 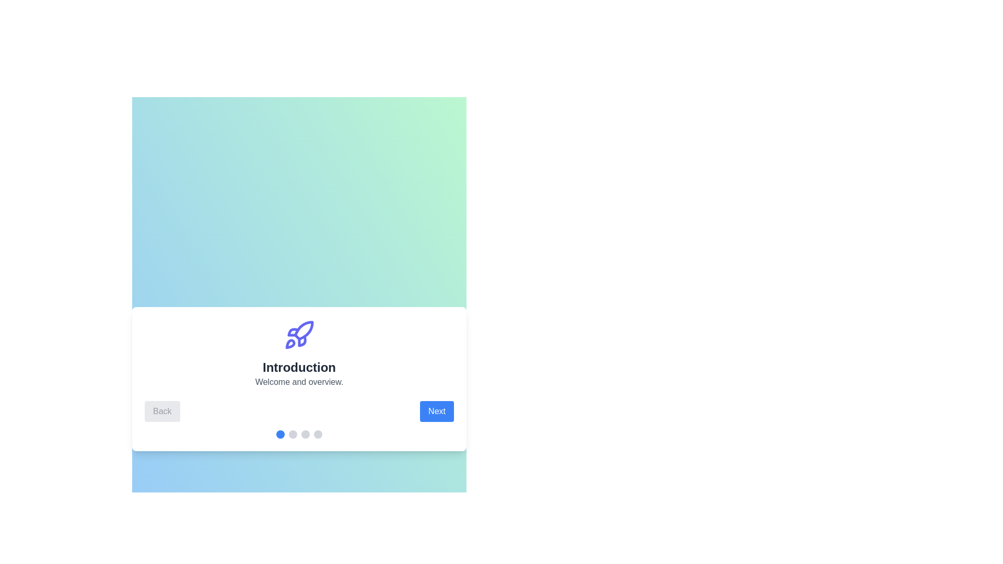 I want to click on 'Next' button to move to the next step, so click(x=436, y=410).